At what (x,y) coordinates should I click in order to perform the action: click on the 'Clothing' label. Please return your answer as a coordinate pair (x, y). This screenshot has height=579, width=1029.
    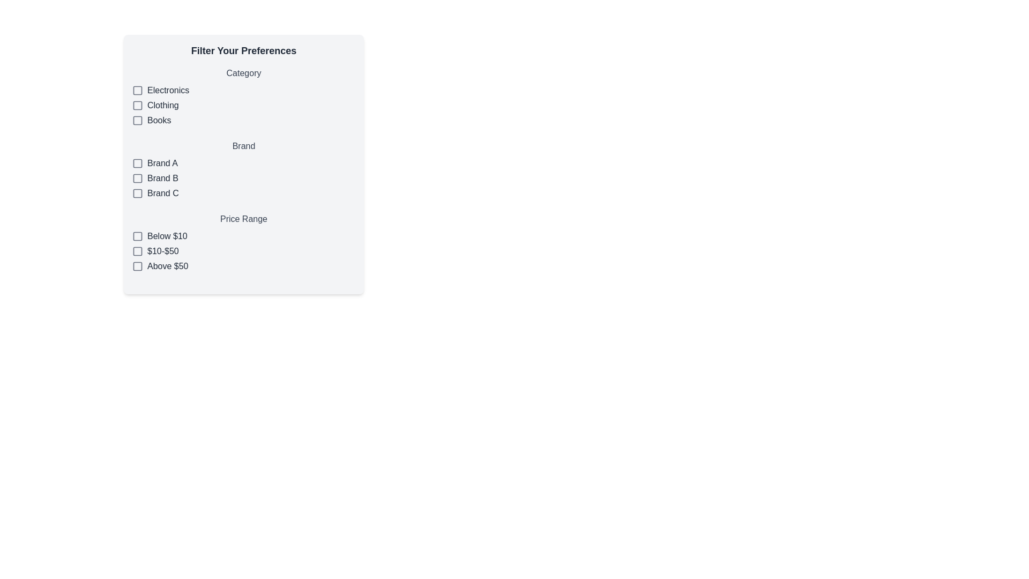
    Looking at the image, I should click on (162, 105).